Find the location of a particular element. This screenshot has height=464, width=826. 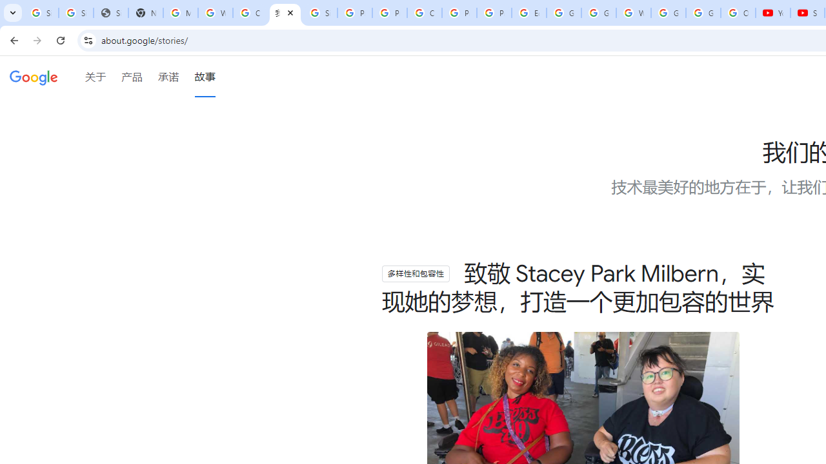

'Google' is located at coordinates (34, 78).